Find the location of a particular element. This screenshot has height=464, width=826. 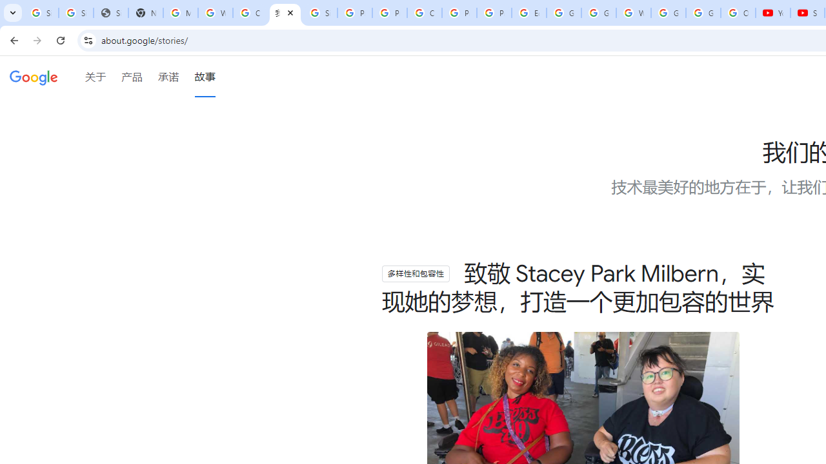

'Google' is located at coordinates (34, 78).